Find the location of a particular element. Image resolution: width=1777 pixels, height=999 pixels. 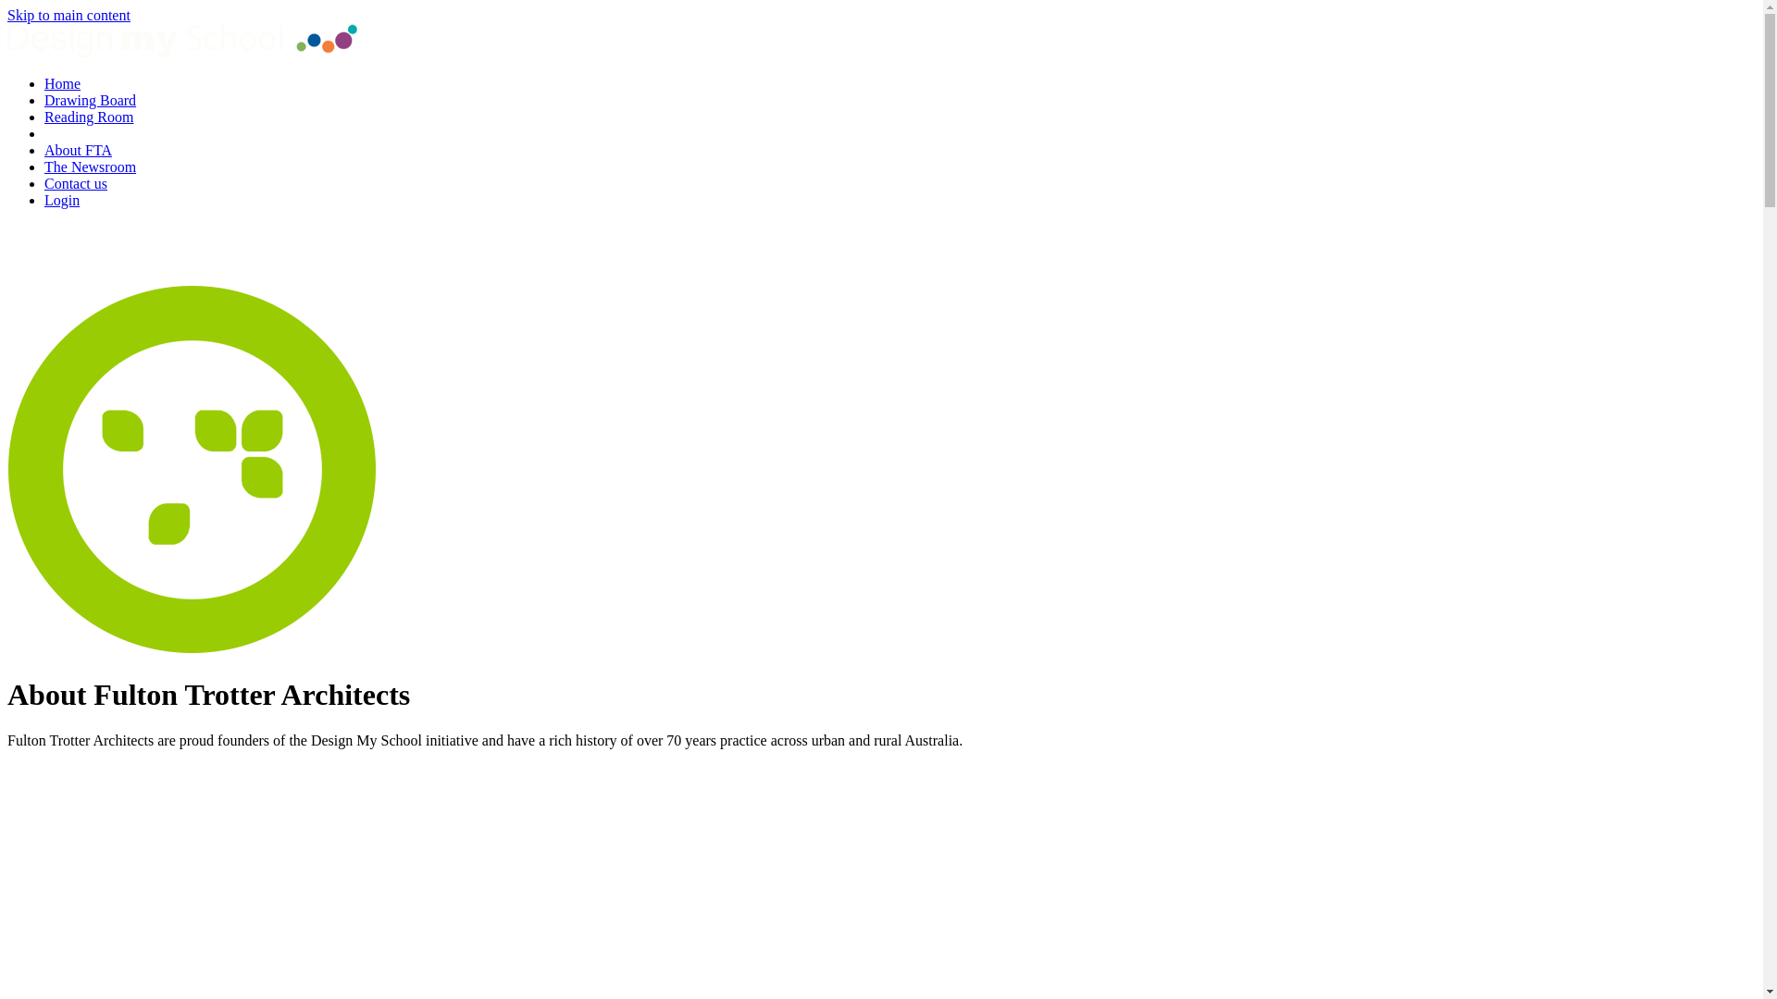

'Skip to main content' is located at coordinates (7, 15).